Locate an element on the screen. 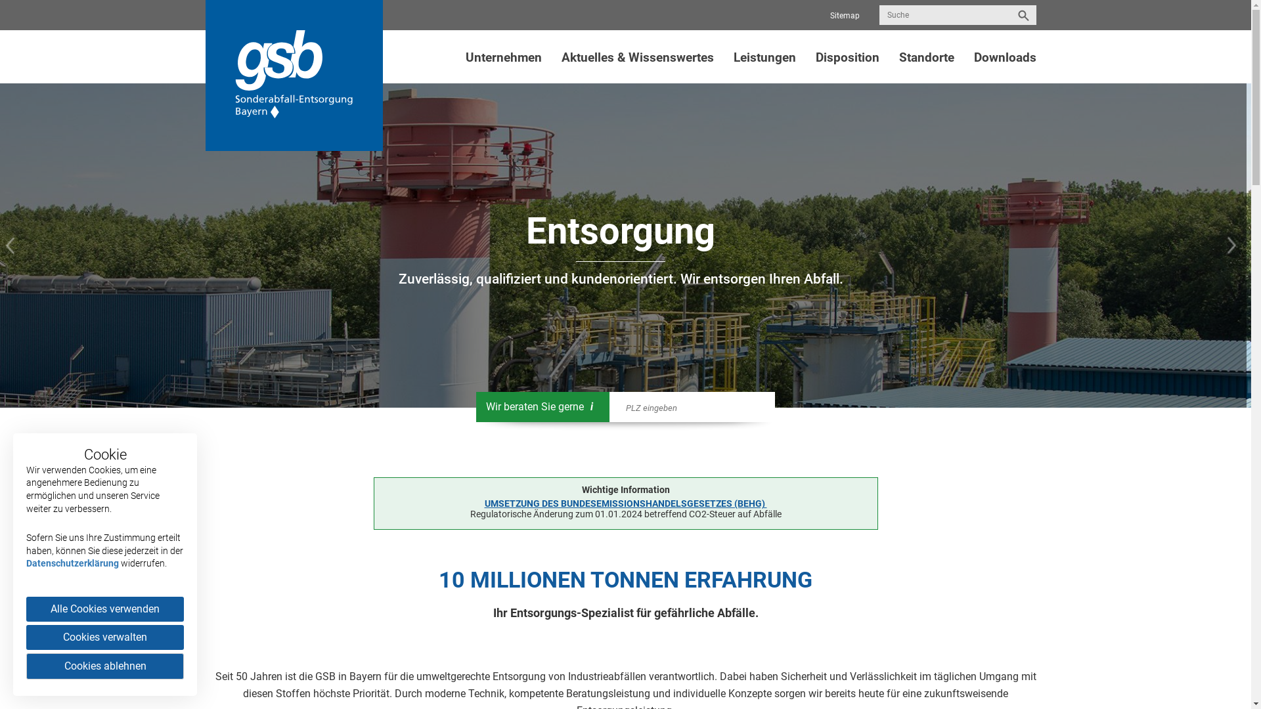  'Standorte' is located at coordinates (926, 56).